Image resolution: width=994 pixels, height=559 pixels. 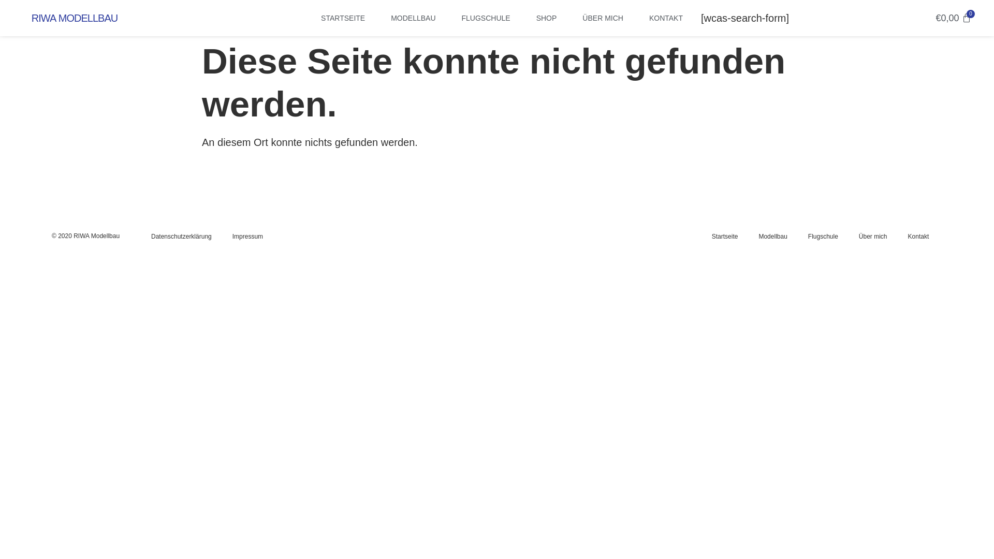 I want to click on 'KONTAKT', so click(x=666, y=18).